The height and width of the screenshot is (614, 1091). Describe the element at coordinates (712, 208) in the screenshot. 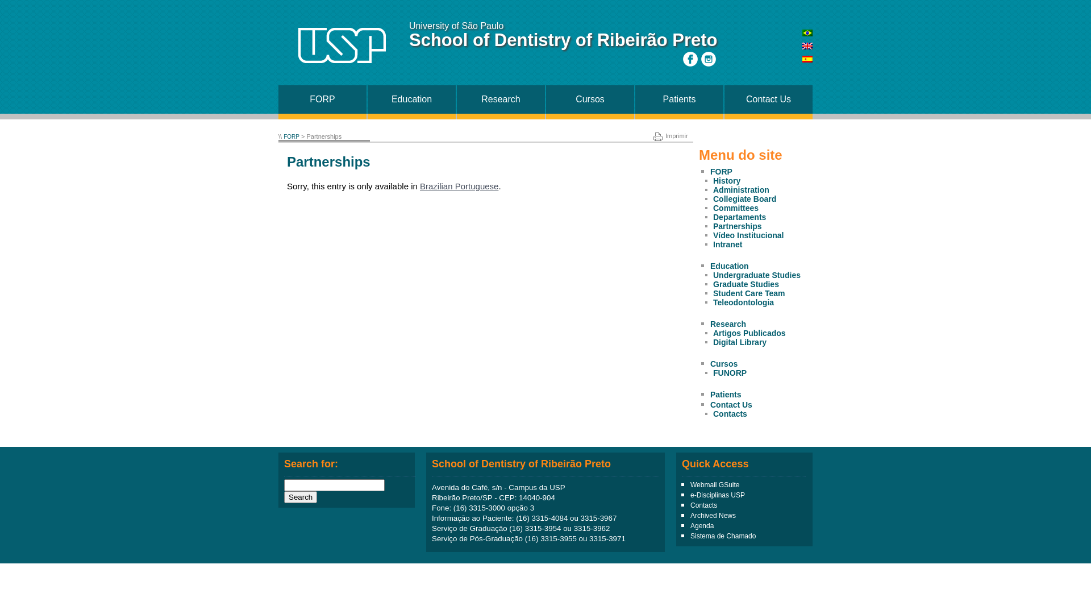

I see `'Committees'` at that location.